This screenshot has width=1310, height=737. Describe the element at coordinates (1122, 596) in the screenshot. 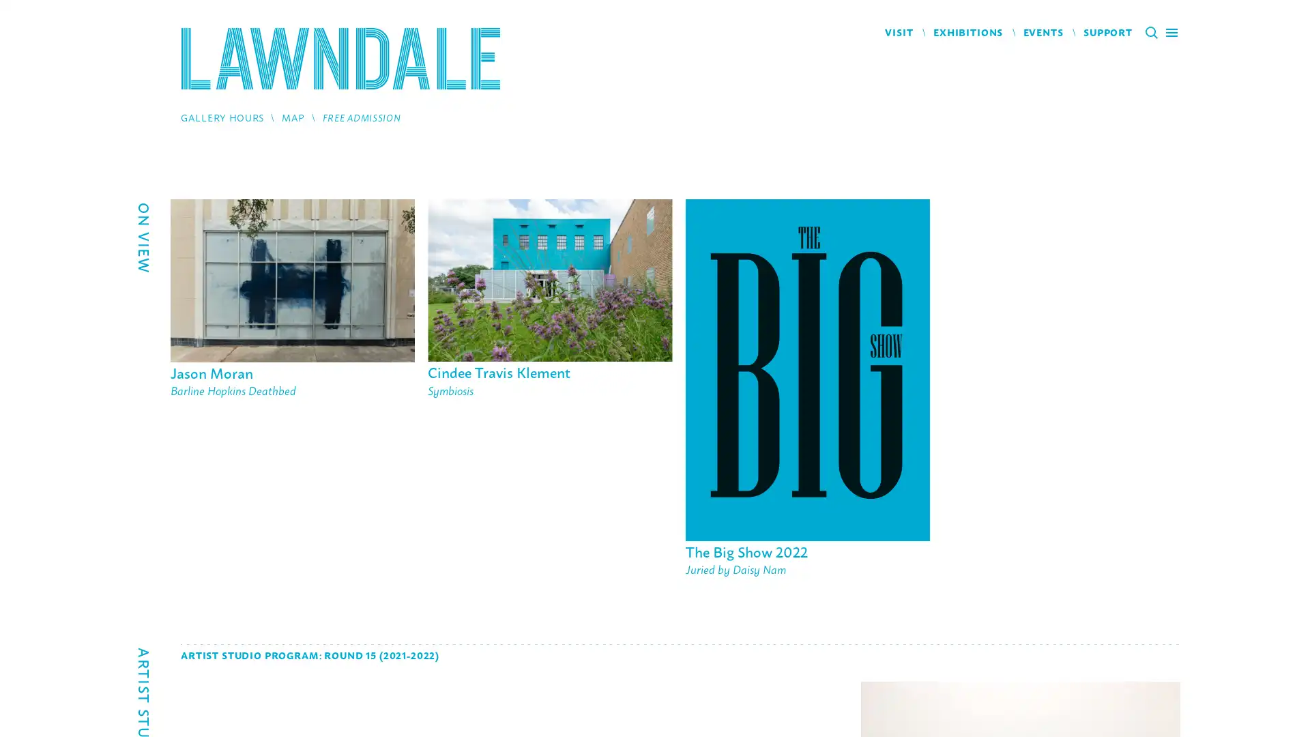

I see `Previous` at that location.